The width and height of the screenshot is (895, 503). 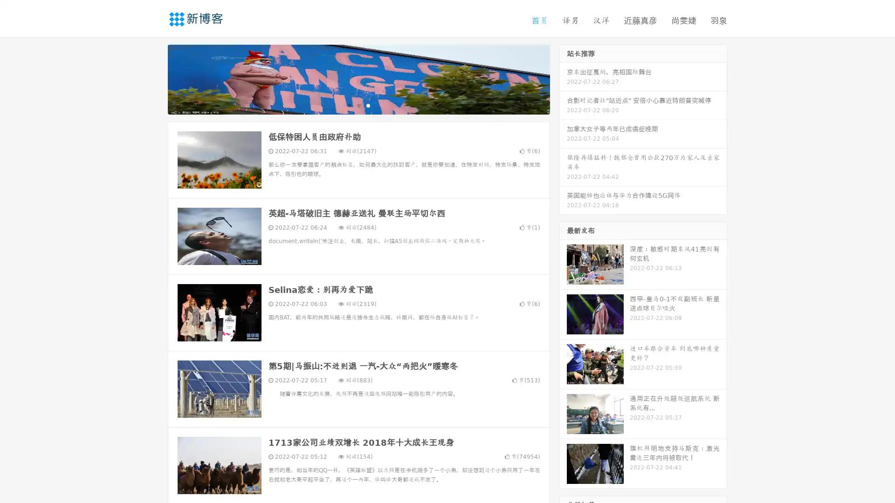 What do you see at coordinates (154, 78) in the screenshot?
I see `Previous slide` at bounding box center [154, 78].